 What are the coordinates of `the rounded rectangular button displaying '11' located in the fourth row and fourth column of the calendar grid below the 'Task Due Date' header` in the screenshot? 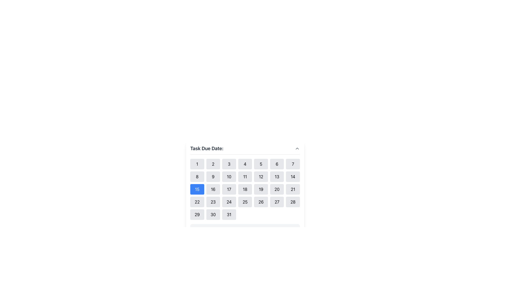 It's located at (245, 176).